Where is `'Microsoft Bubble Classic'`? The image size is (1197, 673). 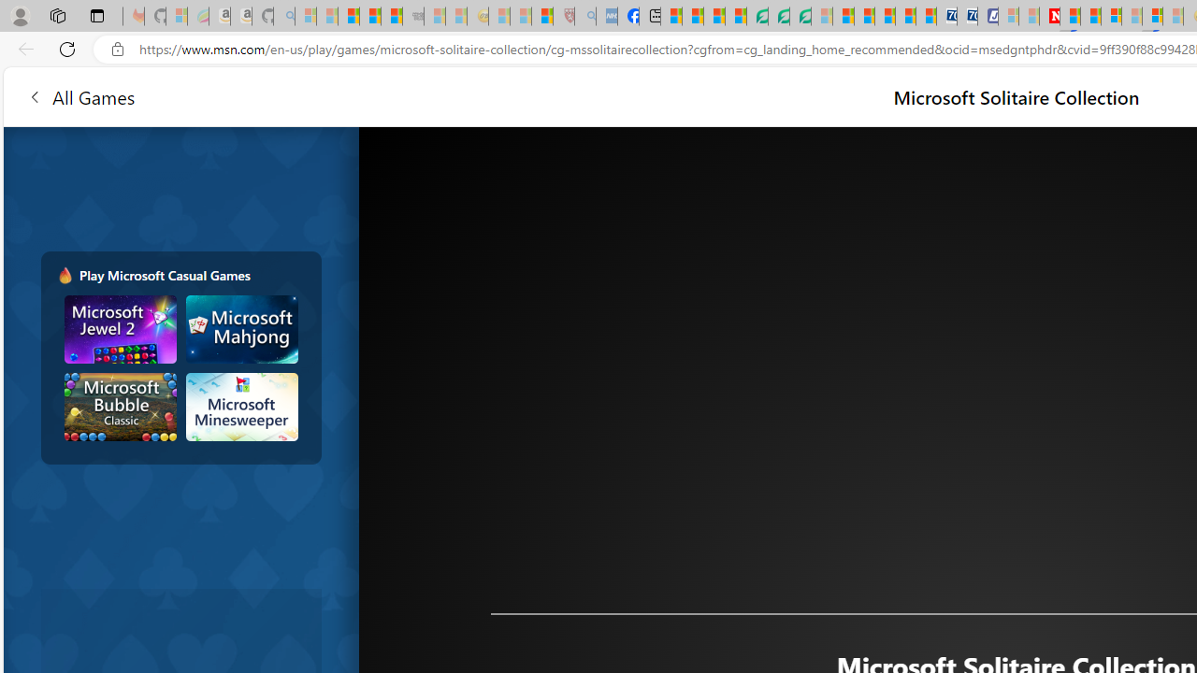
'Microsoft Bubble Classic' is located at coordinates (120, 406).